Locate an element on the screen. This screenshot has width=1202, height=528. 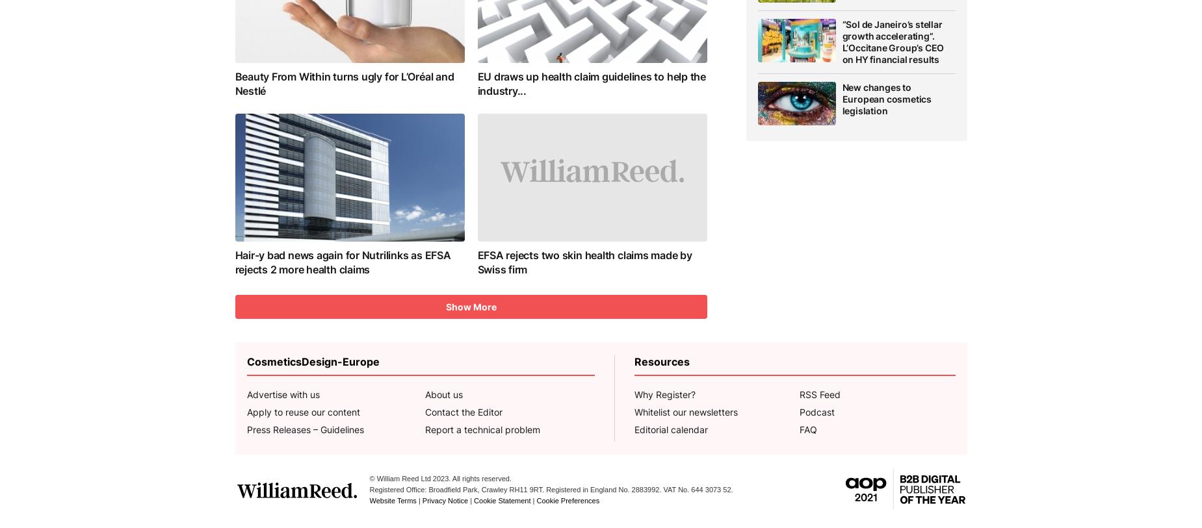
'CosmeticsDesign-Europe' is located at coordinates (311, 361).